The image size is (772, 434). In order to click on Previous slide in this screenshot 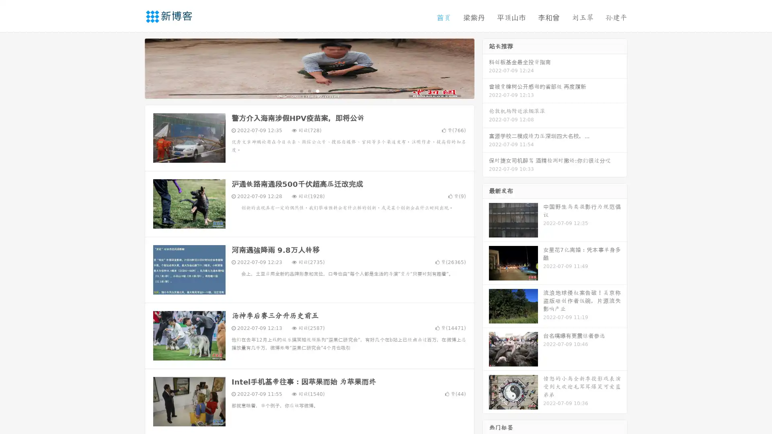, I will do `click(133, 68)`.